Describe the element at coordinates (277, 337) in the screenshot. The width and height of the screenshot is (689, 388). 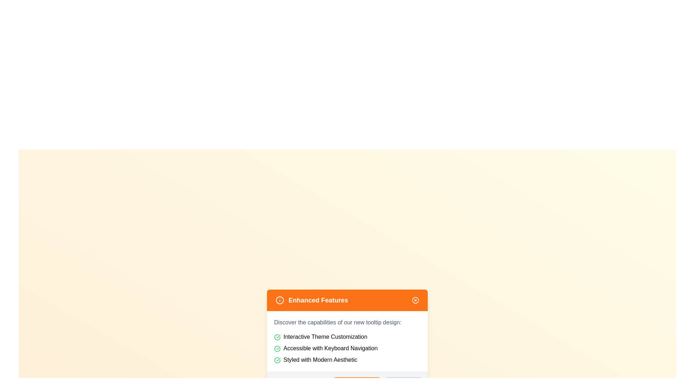
I see `the first icon in the list under the 'Interactive Theme Customization' section, which indicates the feature has been successfully implemented` at that location.